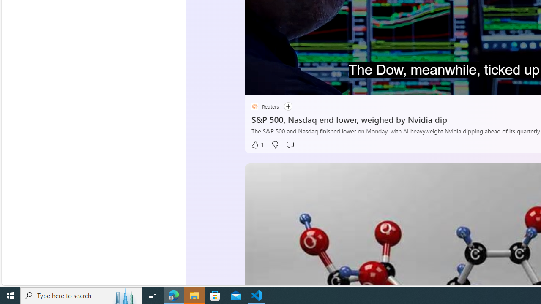 The width and height of the screenshot is (541, 304). I want to click on 'Pause', so click(257, 86).